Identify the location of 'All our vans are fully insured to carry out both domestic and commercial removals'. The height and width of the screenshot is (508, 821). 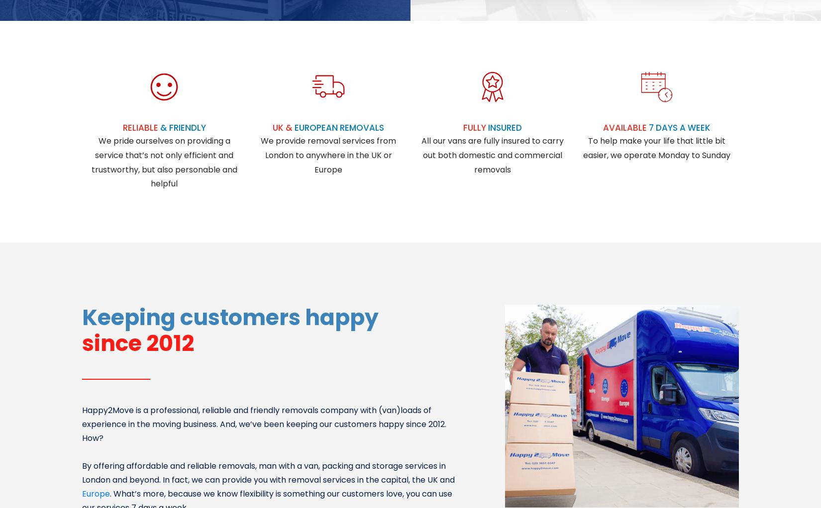
(421, 155).